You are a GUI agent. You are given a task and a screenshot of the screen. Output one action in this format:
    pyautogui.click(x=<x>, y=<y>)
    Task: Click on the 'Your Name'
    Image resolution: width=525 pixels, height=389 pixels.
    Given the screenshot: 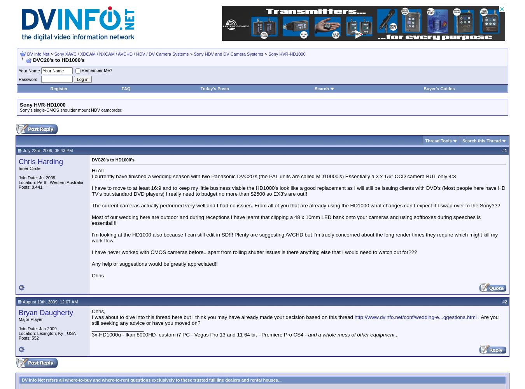 What is the action you would take?
    pyautogui.click(x=18, y=71)
    